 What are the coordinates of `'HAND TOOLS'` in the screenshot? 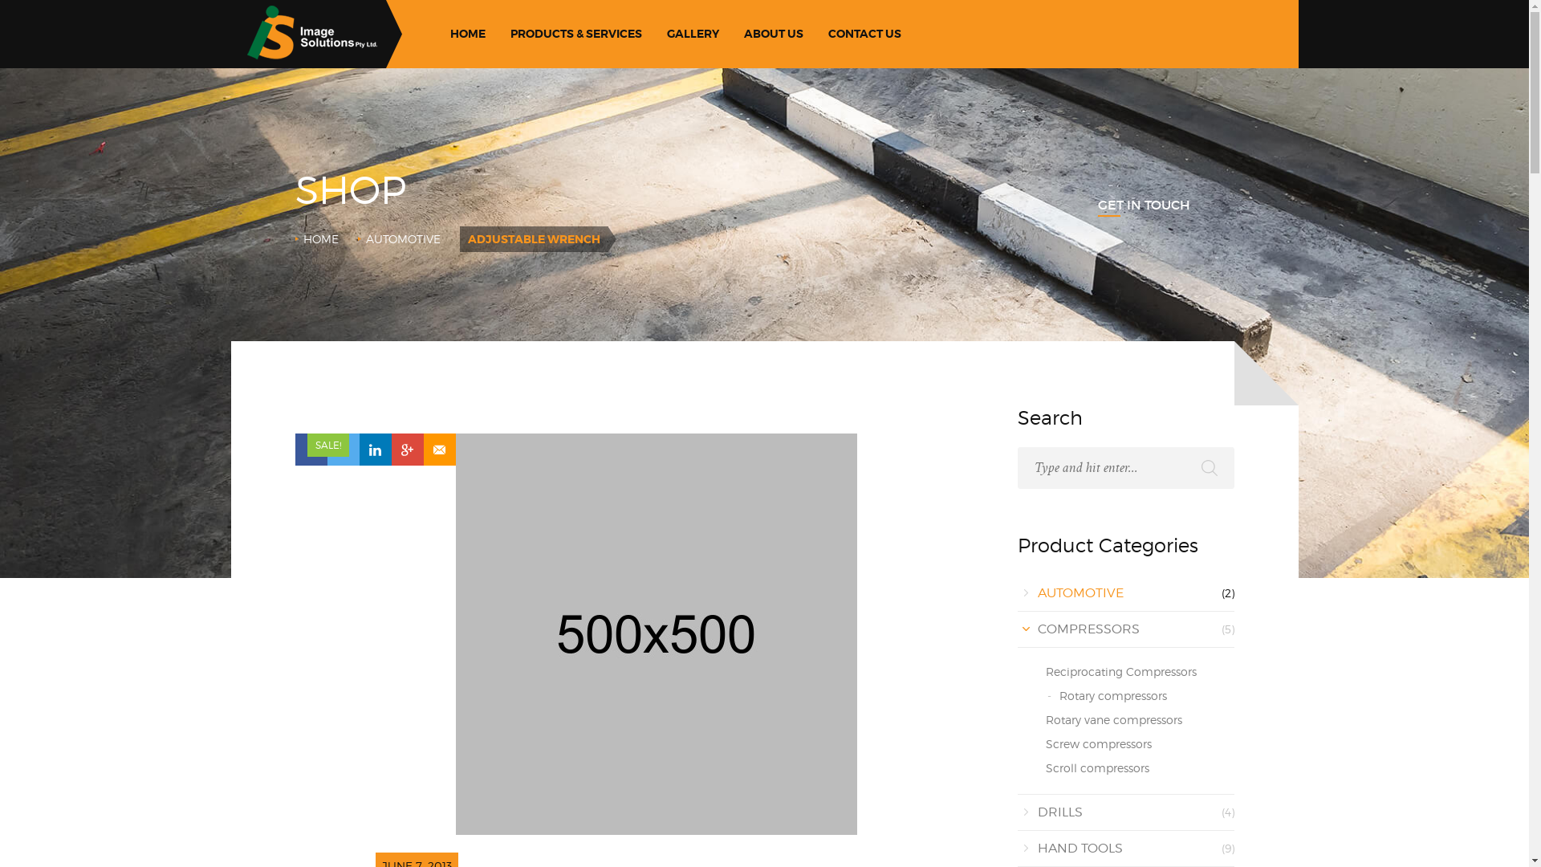 It's located at (1036, 847).